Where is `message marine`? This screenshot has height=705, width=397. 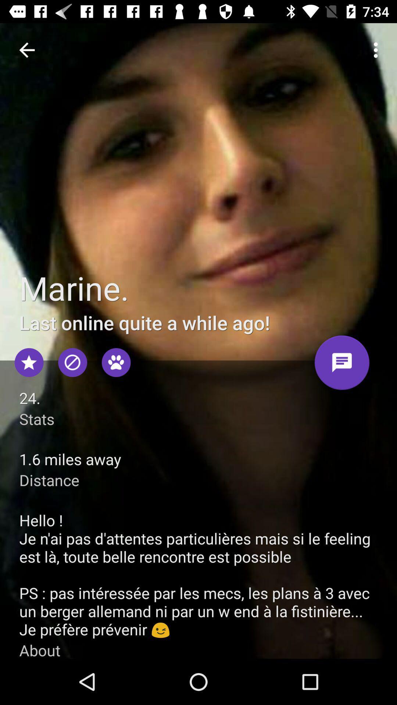 message marine is located at coordinates (342, 365).